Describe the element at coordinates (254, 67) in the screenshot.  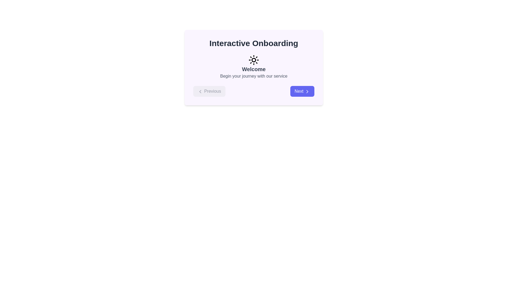
I see `the label with a sun icon that displays 'Welcome' and 'Begin your journey with our service' within the 'Interactive Onboarding' panel` at that location.